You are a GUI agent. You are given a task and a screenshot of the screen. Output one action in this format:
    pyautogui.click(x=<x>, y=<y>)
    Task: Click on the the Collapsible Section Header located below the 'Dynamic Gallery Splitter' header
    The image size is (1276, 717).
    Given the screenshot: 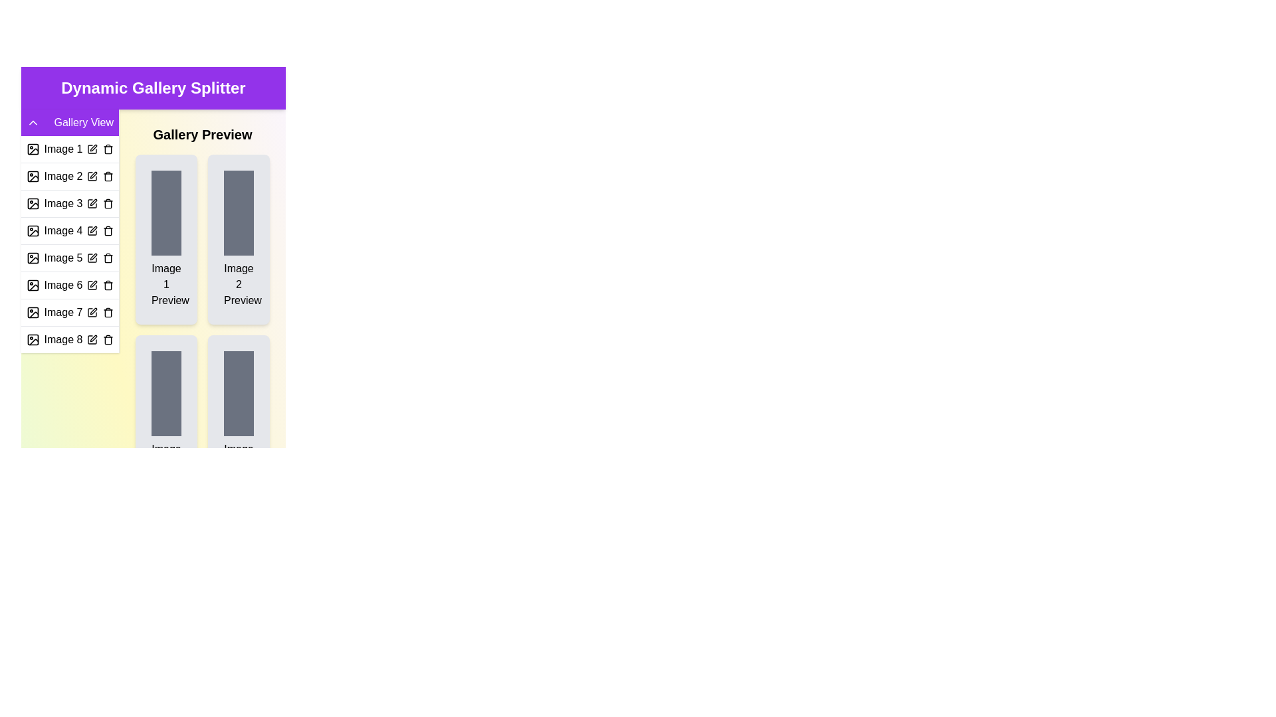 What is the action you would take?
    pyautogui.click(x=69, y=123)
    